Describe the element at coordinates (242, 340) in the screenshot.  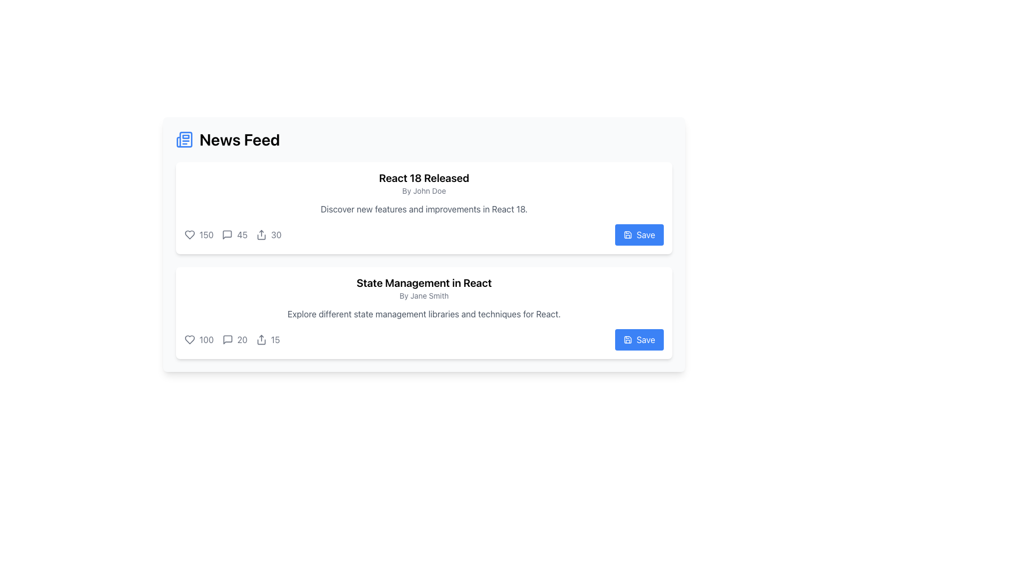
I see `the Static Text Label displaying the number '20' located in the metadata section of the second news card, positioned horizontally after a speech bubble icon` at that location.